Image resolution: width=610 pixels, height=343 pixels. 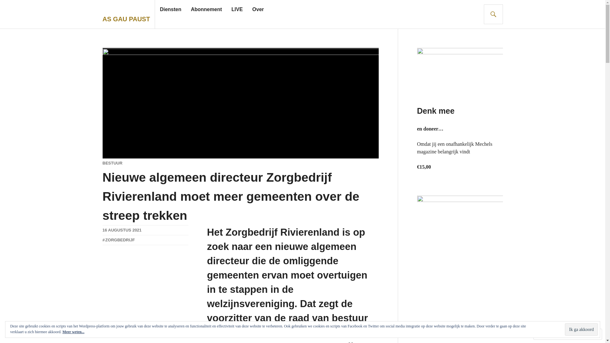 What do you see at coordinates (107, 240) in the screenshot?
I see `'AGP'` at bounding box center [107, 240].